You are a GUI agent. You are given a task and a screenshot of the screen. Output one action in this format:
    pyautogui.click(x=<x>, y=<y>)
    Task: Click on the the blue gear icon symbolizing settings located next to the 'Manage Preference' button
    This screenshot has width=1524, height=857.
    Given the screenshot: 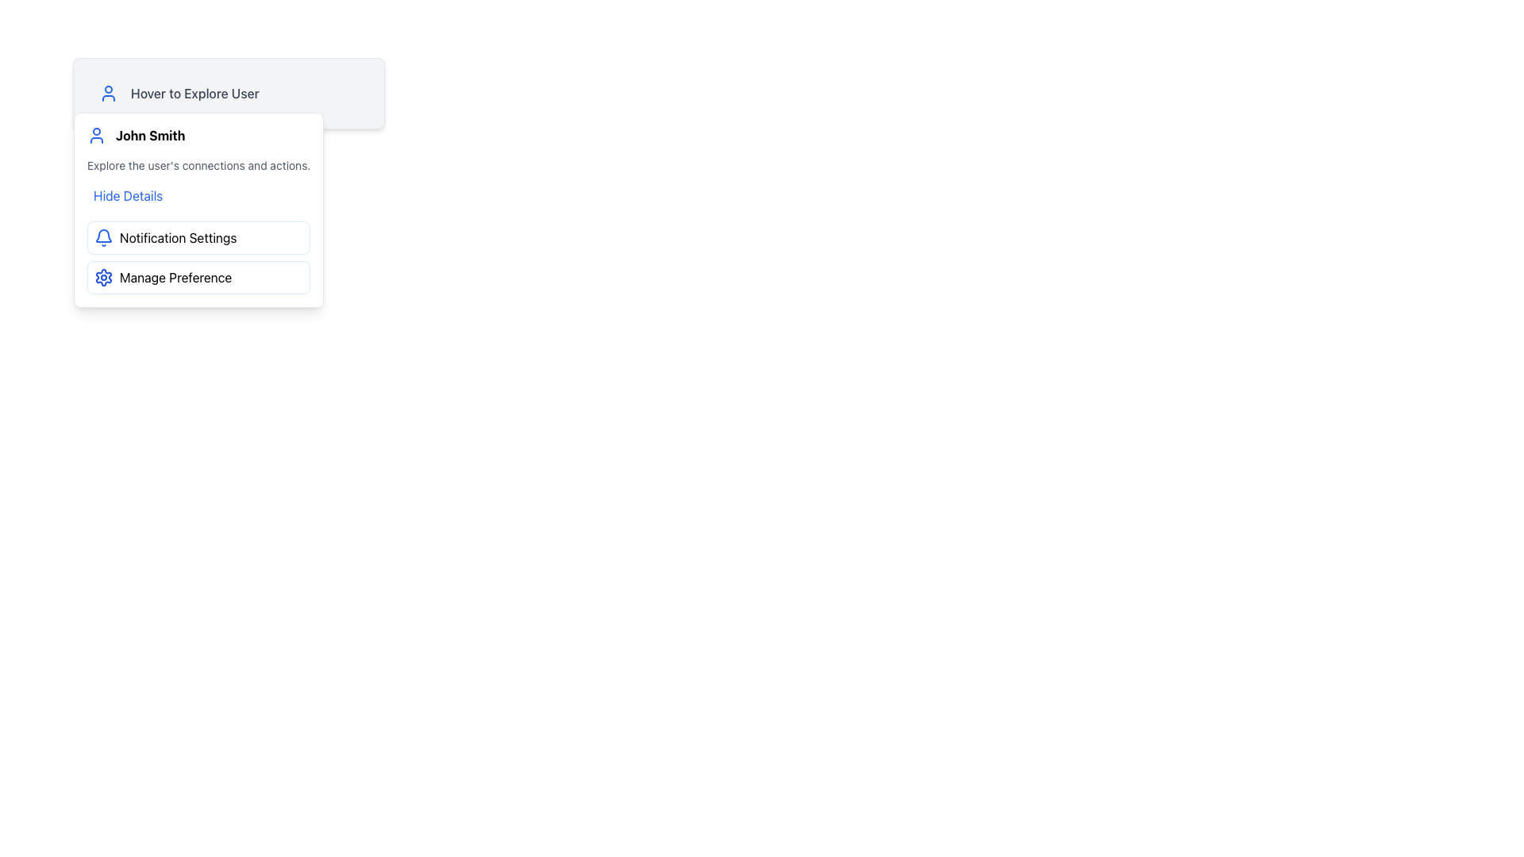 What is the action you would take?
    pyautogui.click(x=102, y=277)
    